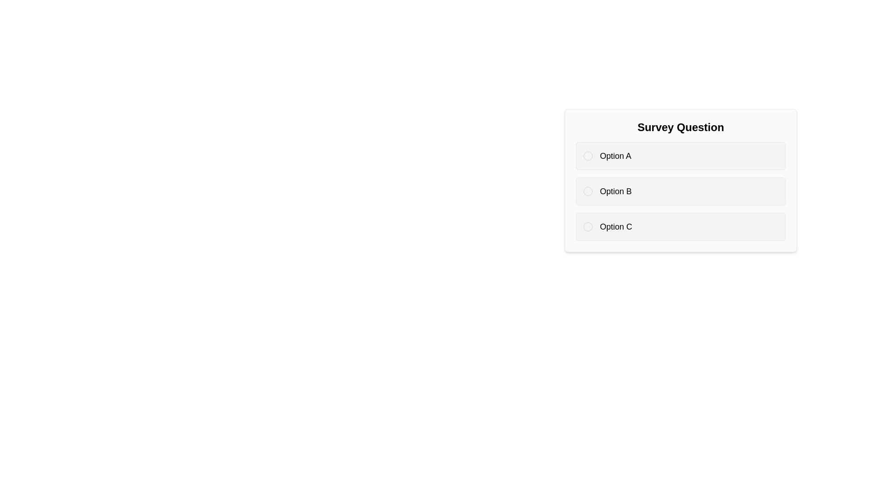 Image resolution: width=872 pixels, height=490 pixels. Describe the element at coordinates (680, 191) in the screenshot. I see `the 'Option B' radio button` at that location.